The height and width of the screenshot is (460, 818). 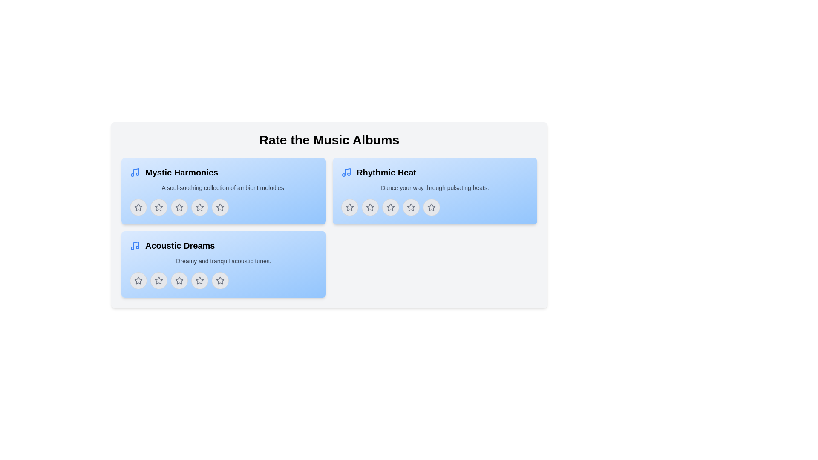 What do you see at coordinates (435, 190) in the screenshot?
I see `the star rating component in the 'Rhythmic Heat' card located in the top-right section of the grid layout by clicking on the stars` at bounding box center [435, 190].